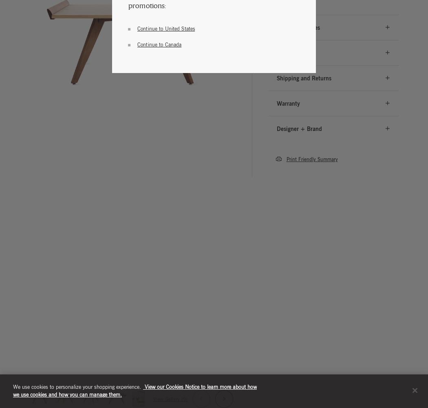 The width and height of the screenshot is (428, 408). I want to click on 'View Gallery (', so click(152, 398).